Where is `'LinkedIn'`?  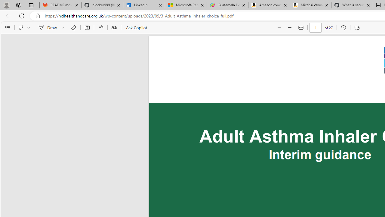
'LinkedIn' is located at coordinates (143, 5).